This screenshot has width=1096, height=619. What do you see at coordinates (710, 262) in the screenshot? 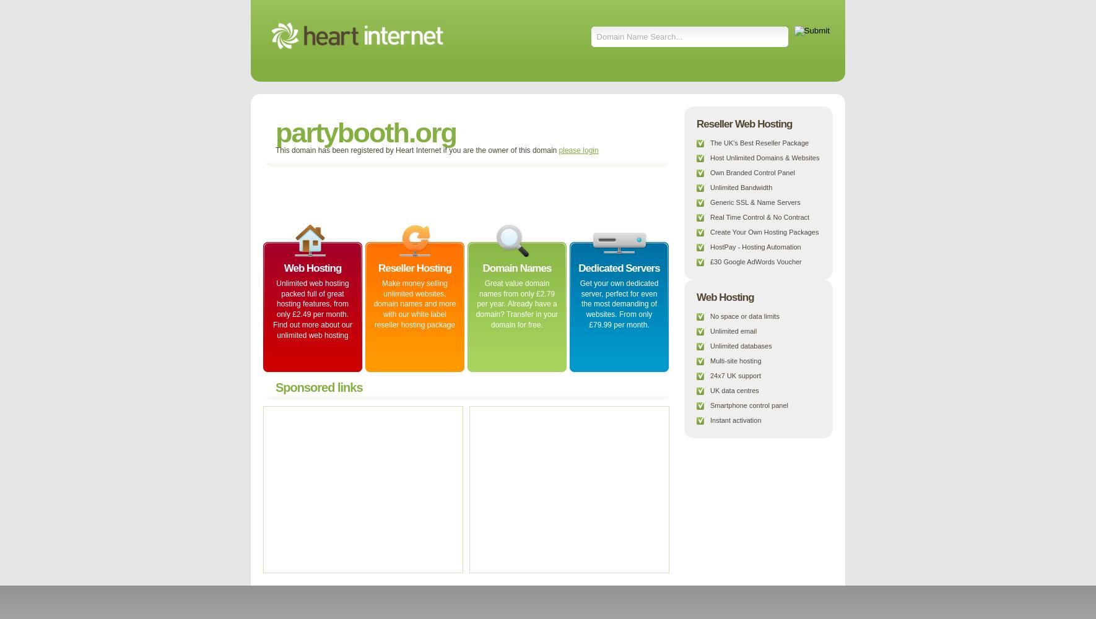
I see `'£30 Google AdWords Voucher'` at bounding box center [710, 262].